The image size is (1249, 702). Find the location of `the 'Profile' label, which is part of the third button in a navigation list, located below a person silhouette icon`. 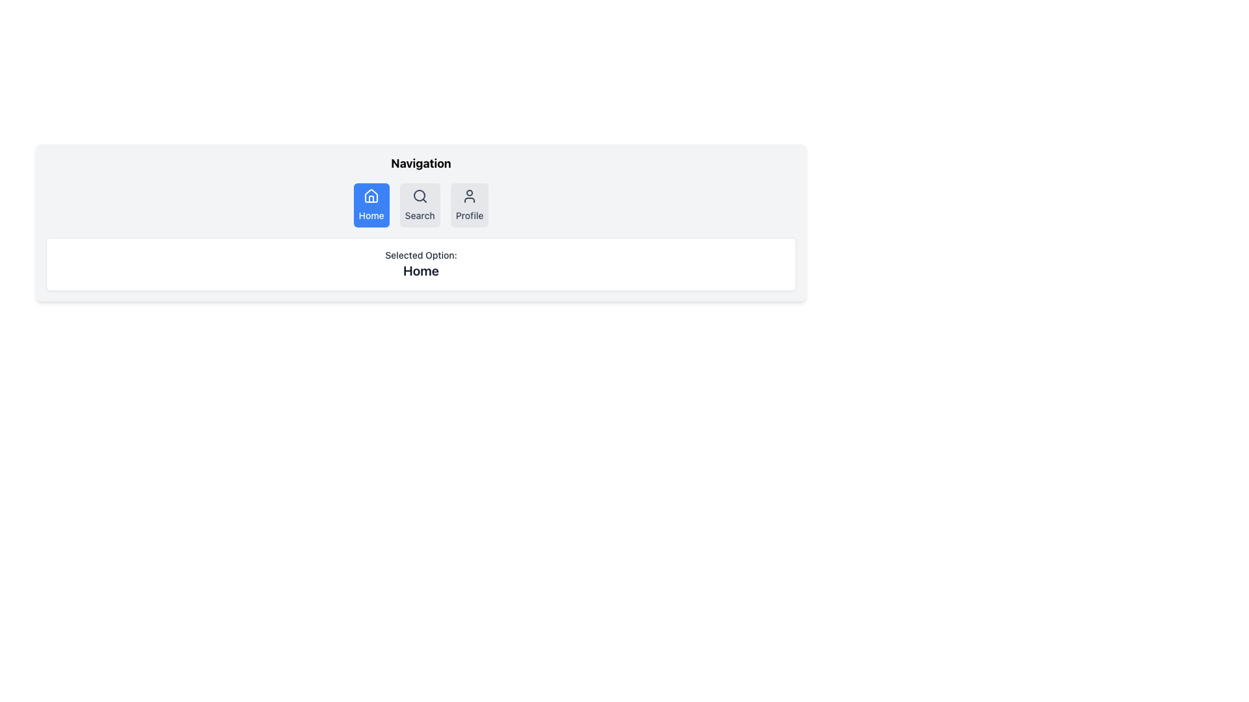

the 'Profile' label, which is part of the third button in a navigation list, located below a person silhouette icon is located at coordinates (469, 214).